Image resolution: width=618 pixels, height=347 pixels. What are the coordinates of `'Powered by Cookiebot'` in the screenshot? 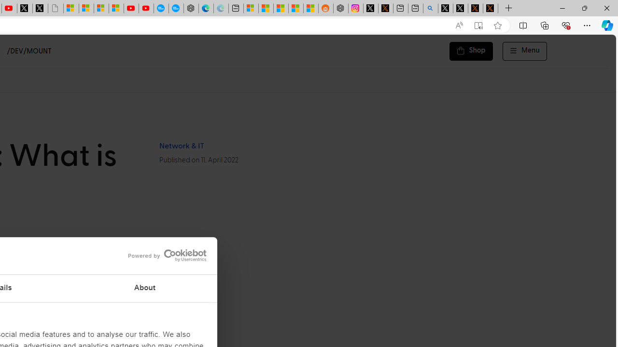 It's located at (167, 255).